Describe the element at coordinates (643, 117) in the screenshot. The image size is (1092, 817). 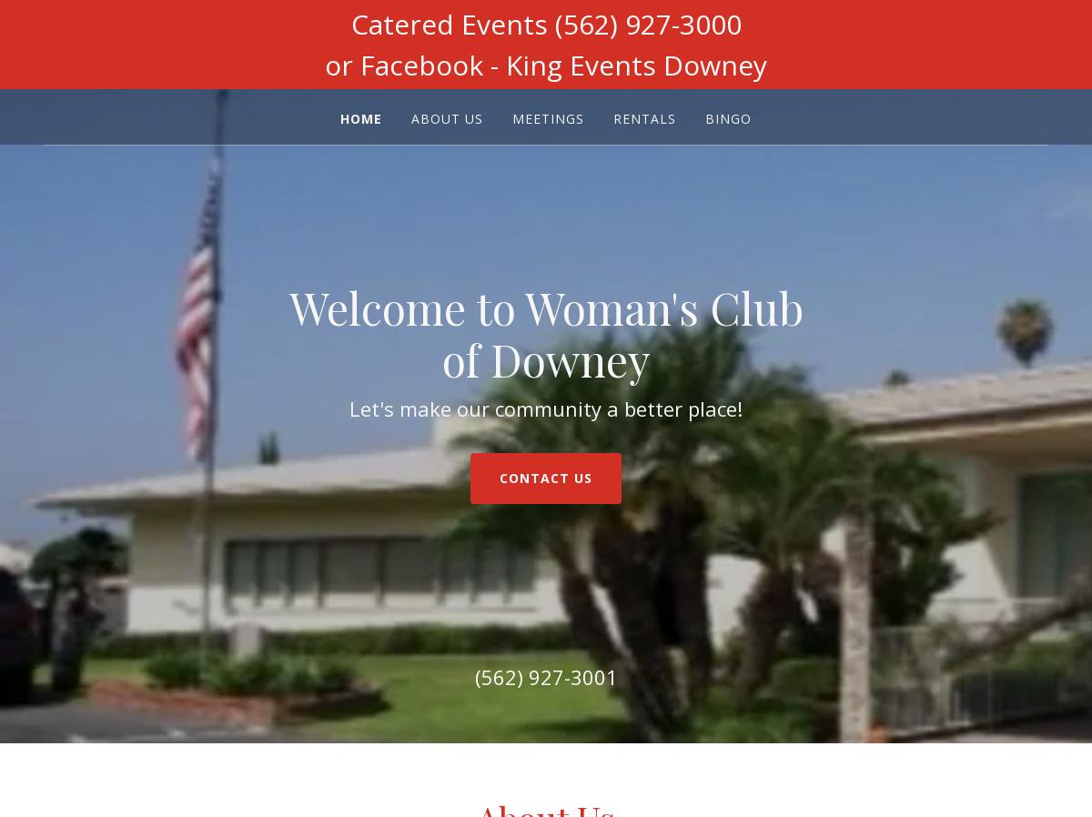
I see `'Rentals'` at that location.